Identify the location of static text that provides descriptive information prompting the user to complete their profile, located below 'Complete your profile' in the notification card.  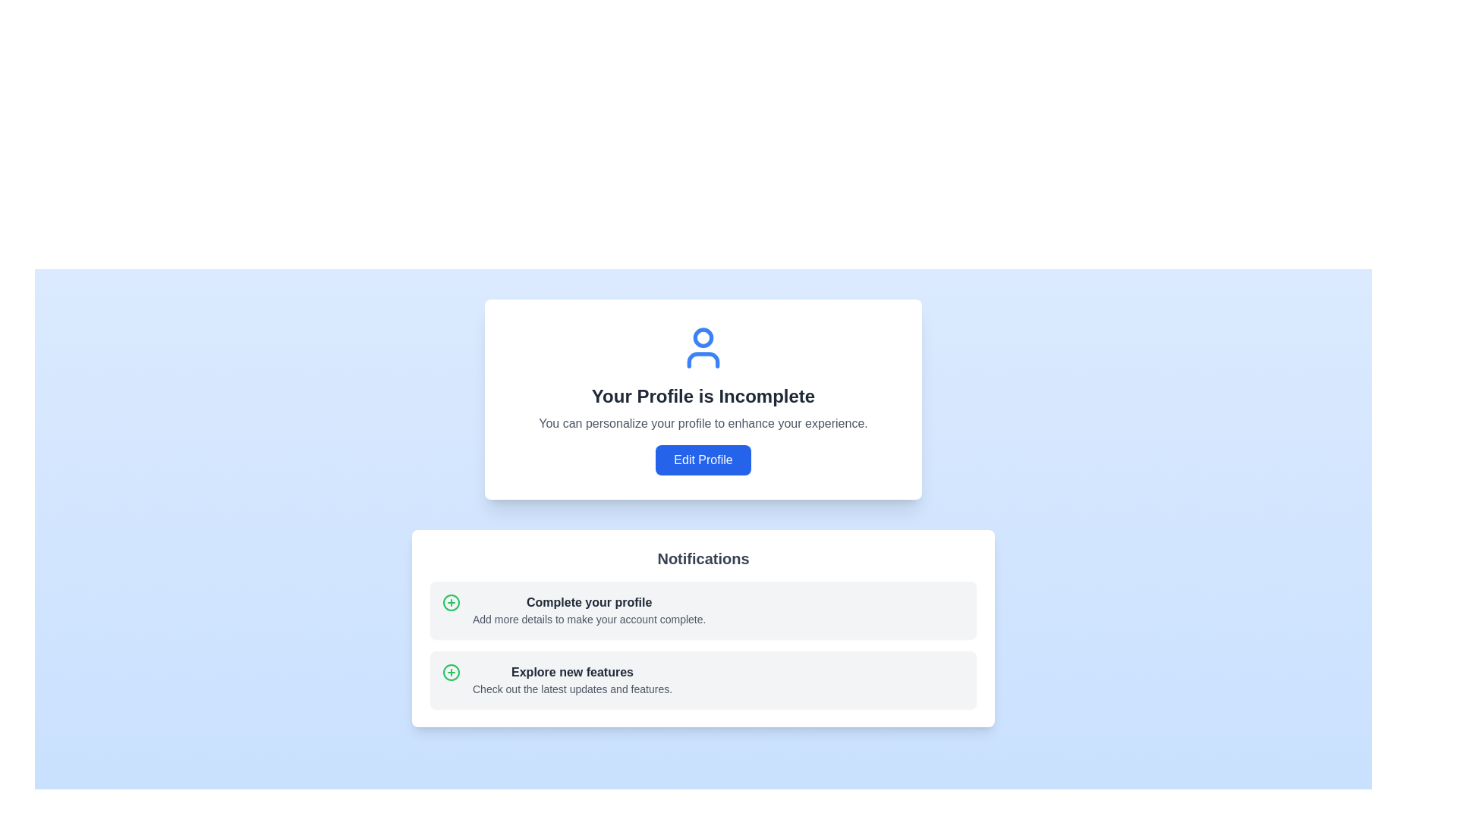
(588, 620).